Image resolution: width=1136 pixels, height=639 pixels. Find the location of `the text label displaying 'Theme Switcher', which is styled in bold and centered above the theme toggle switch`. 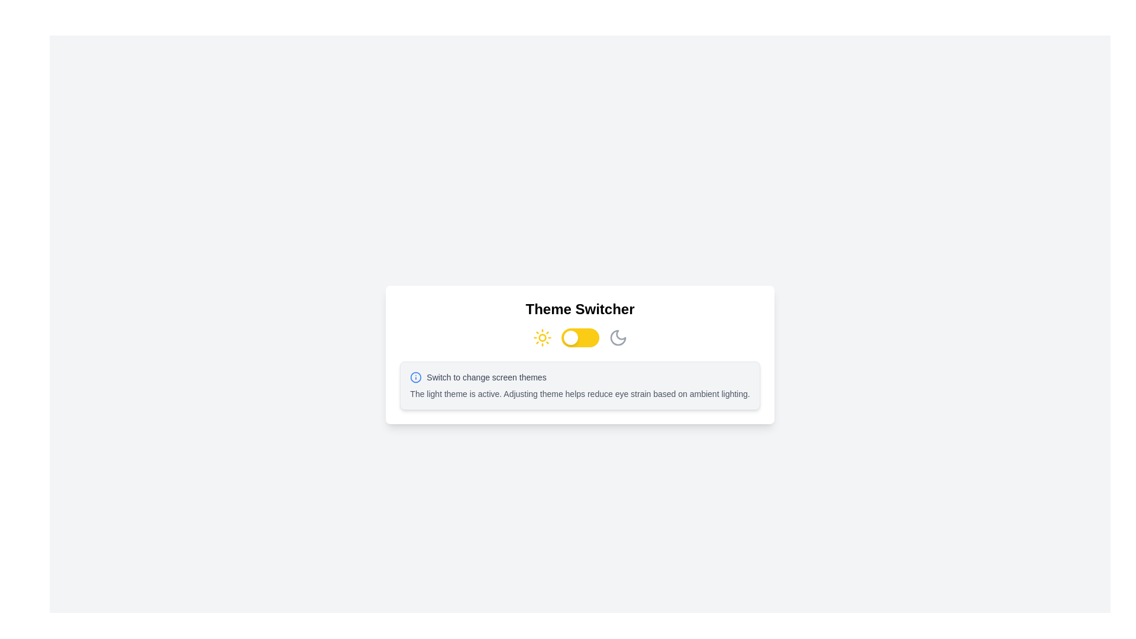

the text label displaying 'Theme Switcher', which is styled in bold and centered above the theme toggle switch is located at coordinates (580, 309).